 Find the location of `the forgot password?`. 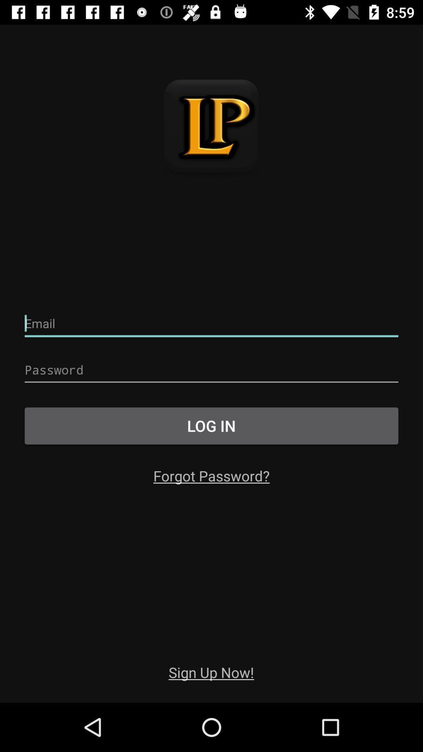

the forgot password? is located at coordinates (211, 475).